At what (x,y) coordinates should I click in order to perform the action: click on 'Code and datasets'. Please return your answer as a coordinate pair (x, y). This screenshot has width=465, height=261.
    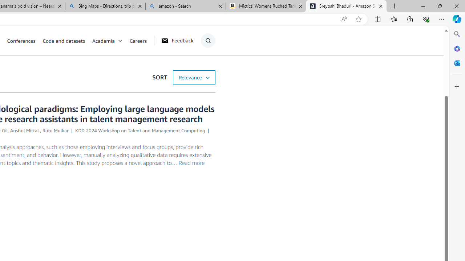
    Looking at the image, I should click on (67, 40).